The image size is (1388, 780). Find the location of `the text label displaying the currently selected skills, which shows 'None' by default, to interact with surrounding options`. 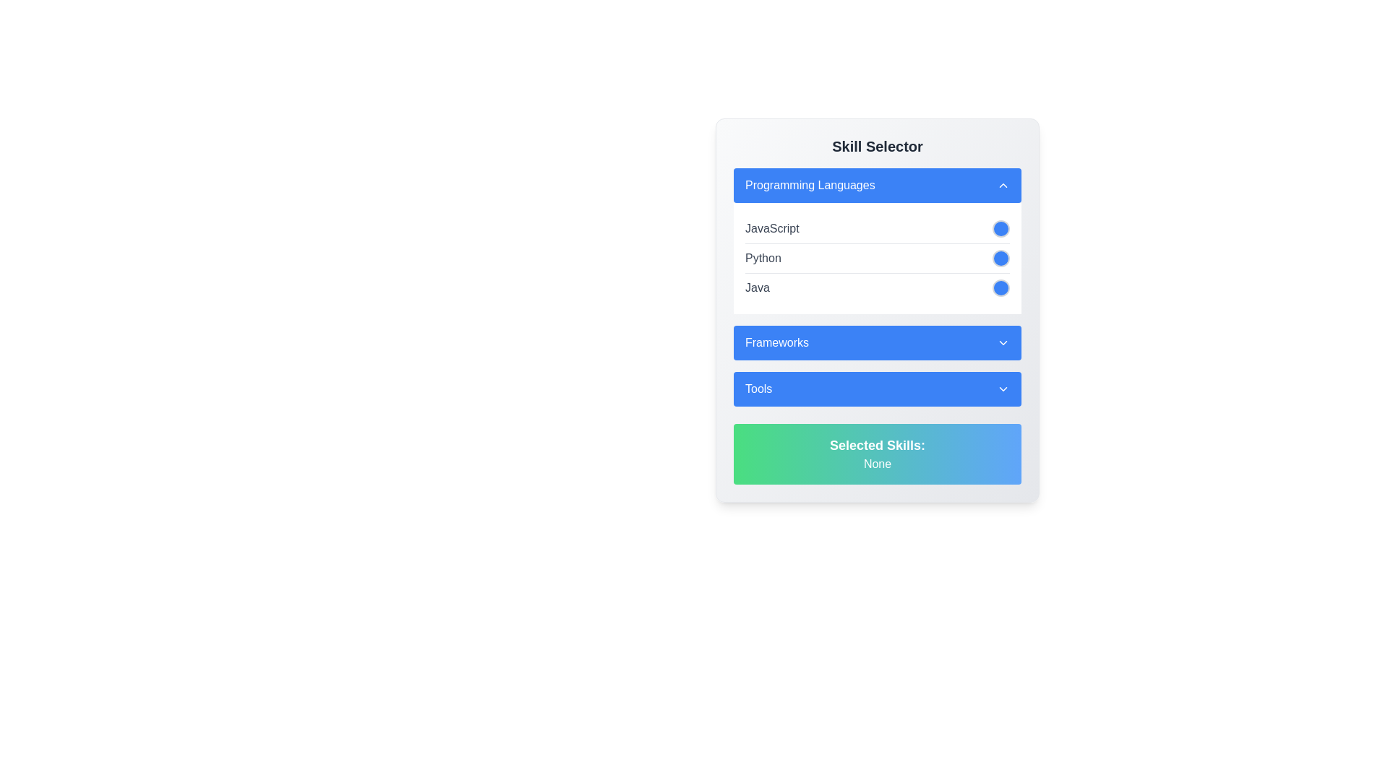

the text label displaying the currently selected skills, which shows 'None' by default, to interact with surrounding options is located at coordinates (877, 464).